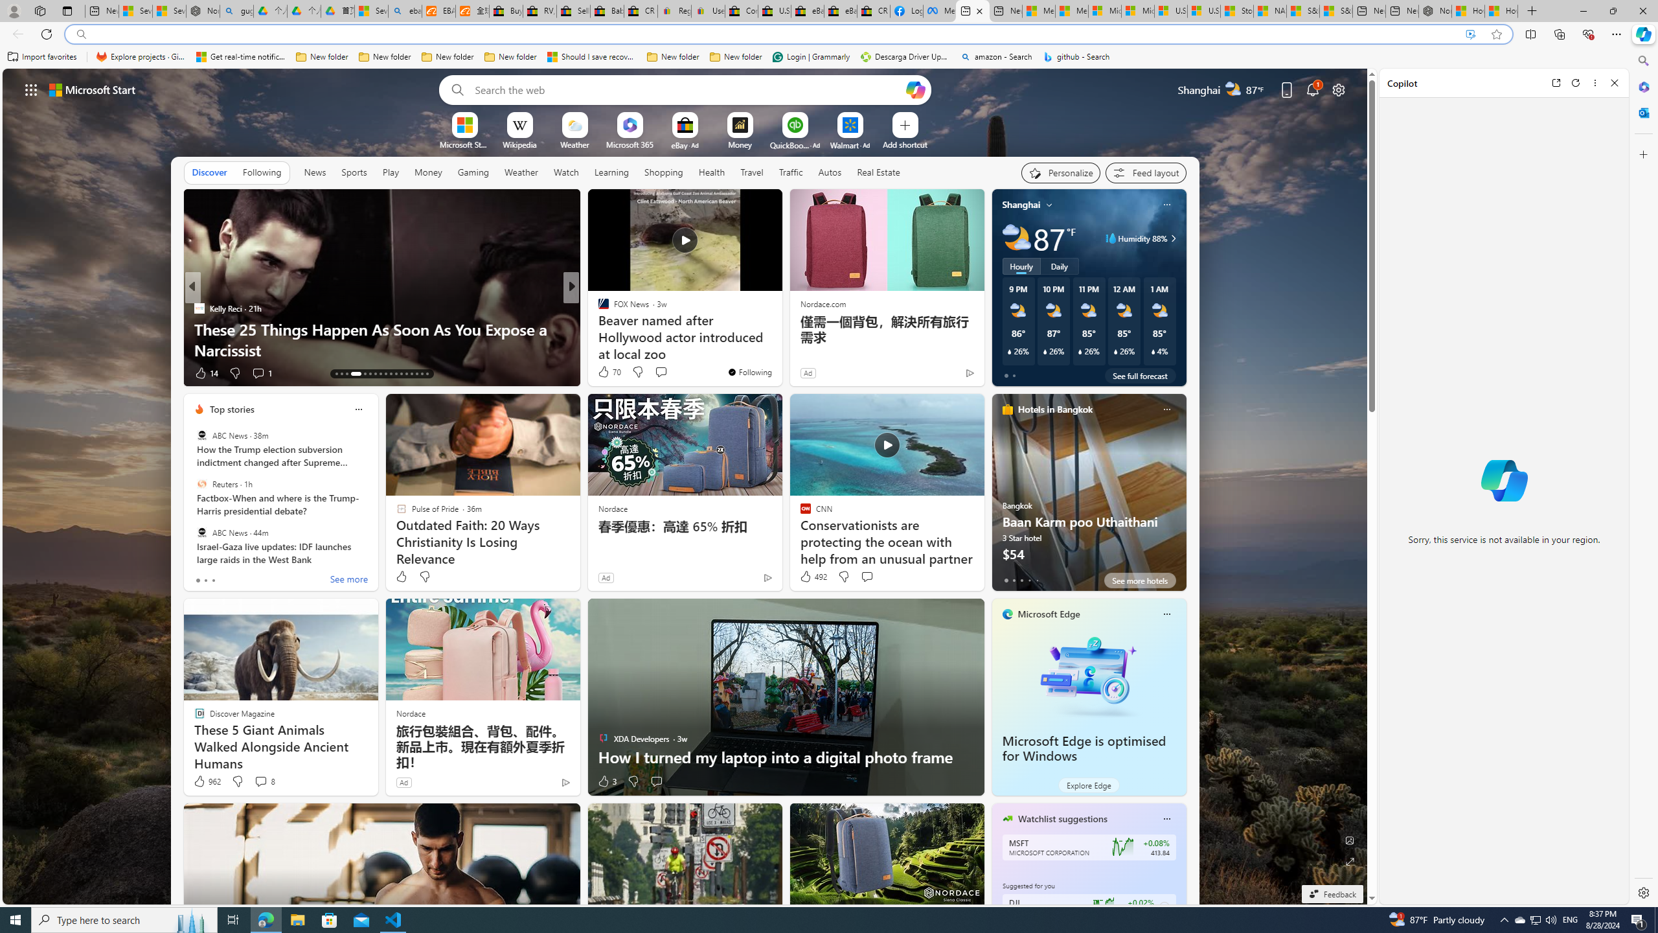 This screenshot has height=933, width=1658. Describe the element at coordinates (604, 373) in the screenshot. I see `'81 Like'` at that location.